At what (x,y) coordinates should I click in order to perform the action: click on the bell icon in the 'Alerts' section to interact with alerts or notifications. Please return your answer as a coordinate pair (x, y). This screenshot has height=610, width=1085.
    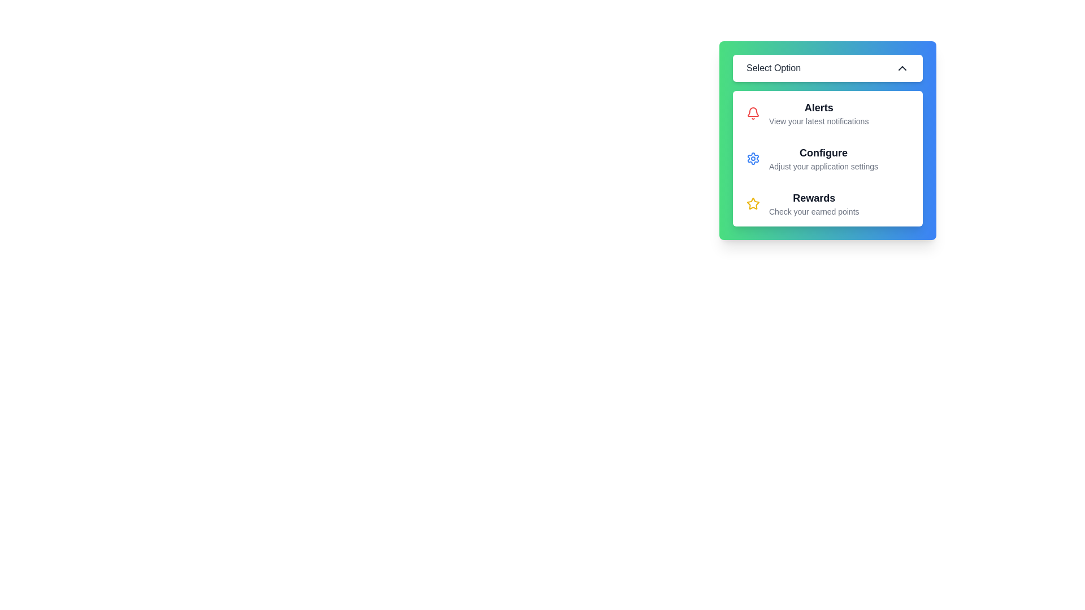
    Looking at the image, I should click on (753, 113).